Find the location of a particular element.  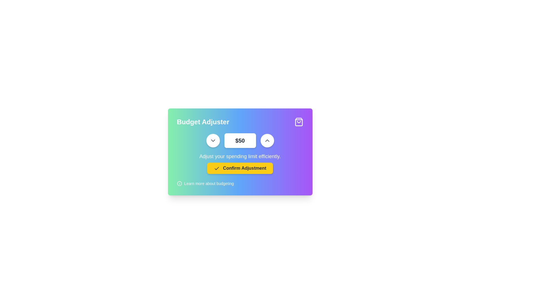

the text label providing guidance about managing a spending limit, located directly below the '$50' value display and above the 'Confirm Adjustment' button is located at coordinates (240, 156).